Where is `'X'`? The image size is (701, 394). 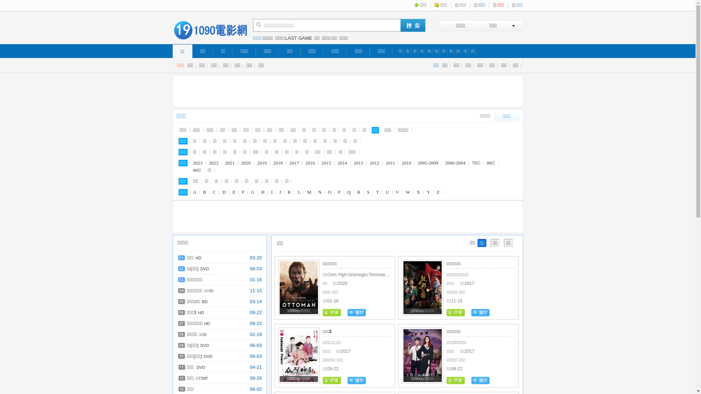 'X' is located at coordinates (418, 192).